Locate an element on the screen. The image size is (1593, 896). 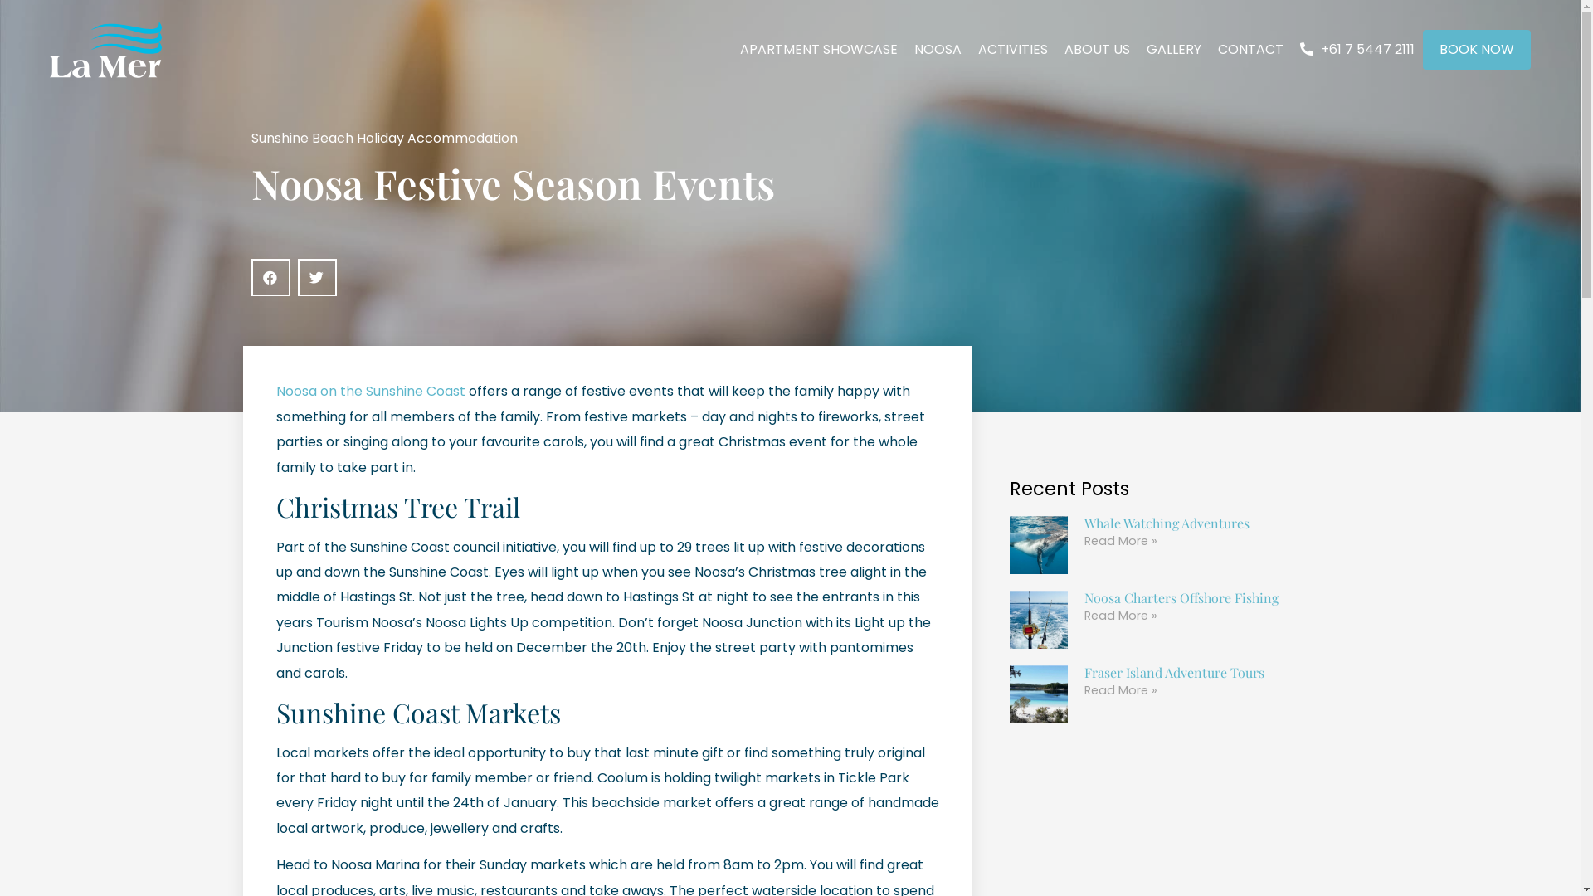
'ACTIVITIES' is located at coordinates (1011, 49).